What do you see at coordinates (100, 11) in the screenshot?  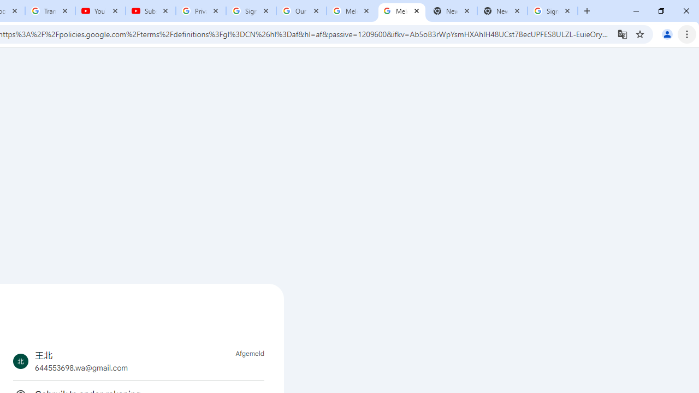 I see `'YouTube'` at bounding box center [100, 11].